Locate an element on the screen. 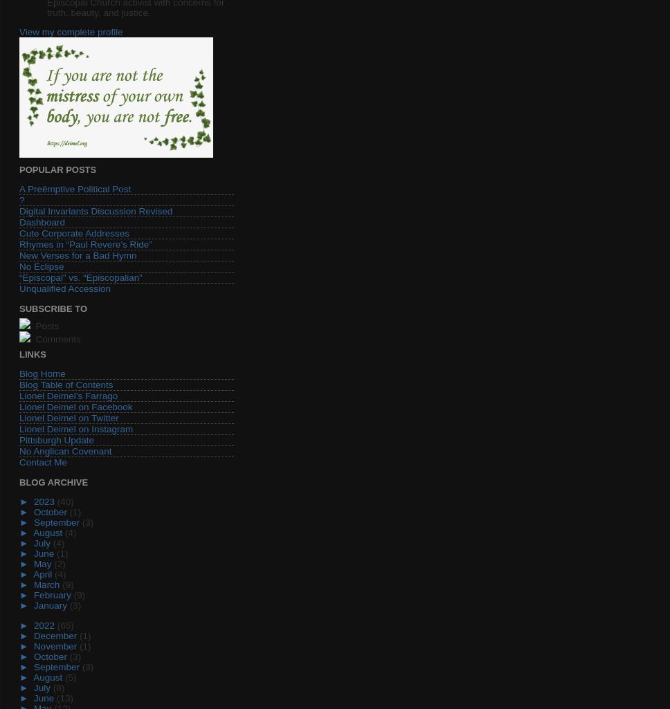  '(8)' is located at coordinates (58, 686).